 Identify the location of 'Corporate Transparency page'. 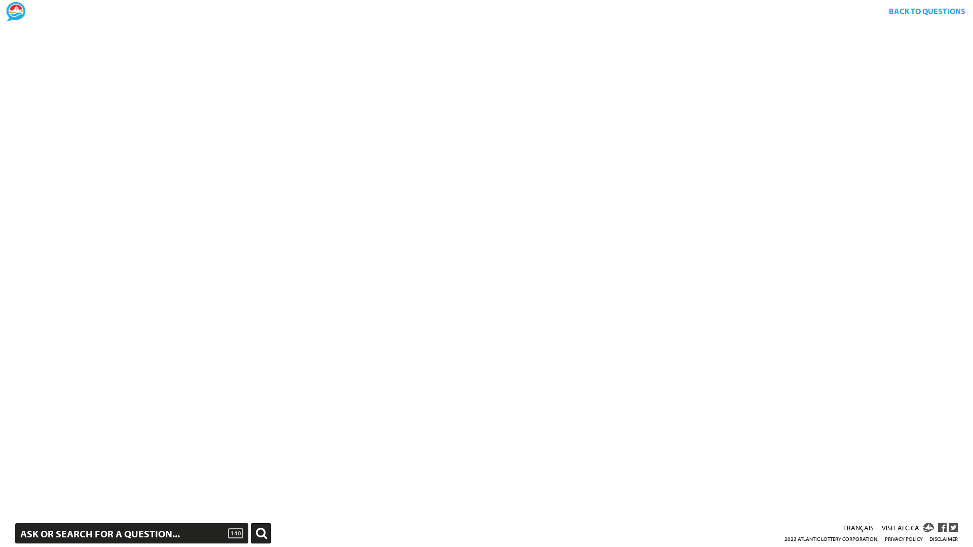
(0, 105).